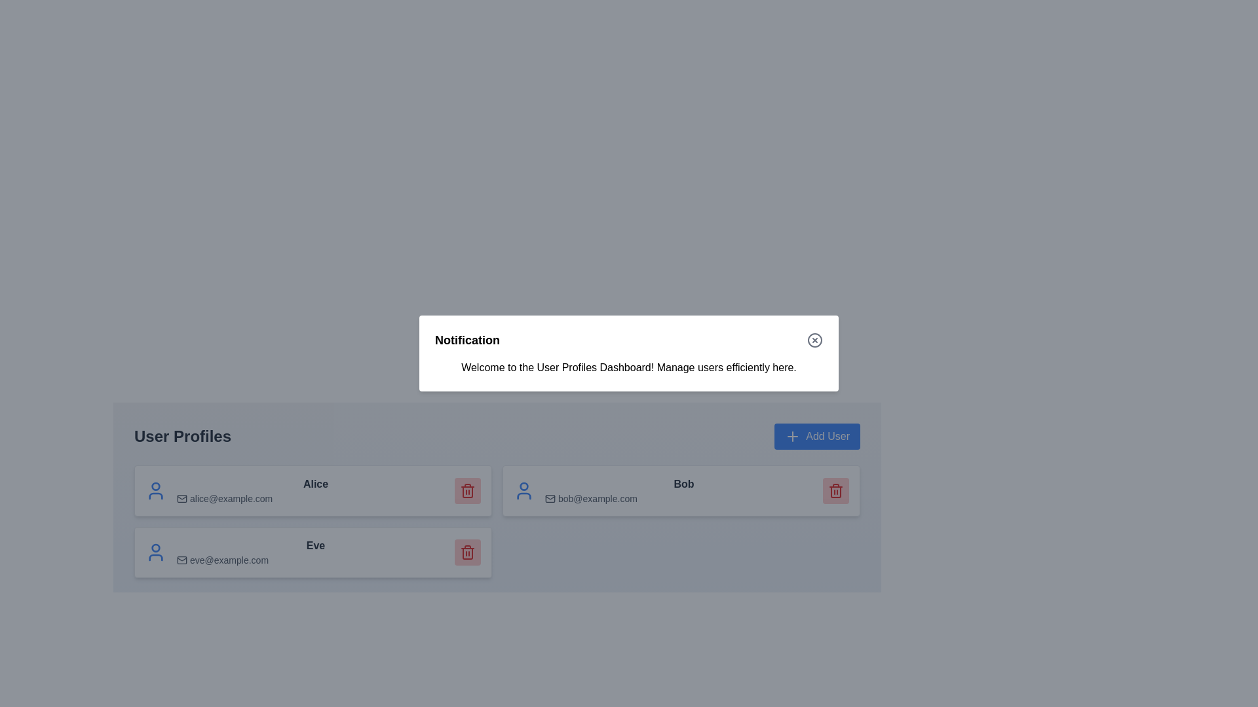 The height and width of the screenshot is (707, 1258). Describe the element at coordinates (814, 340) in the screenshot. I see `the Close button, a circular icon with an 'X' mark, located in the top-right corner of the notification modal` at that location.